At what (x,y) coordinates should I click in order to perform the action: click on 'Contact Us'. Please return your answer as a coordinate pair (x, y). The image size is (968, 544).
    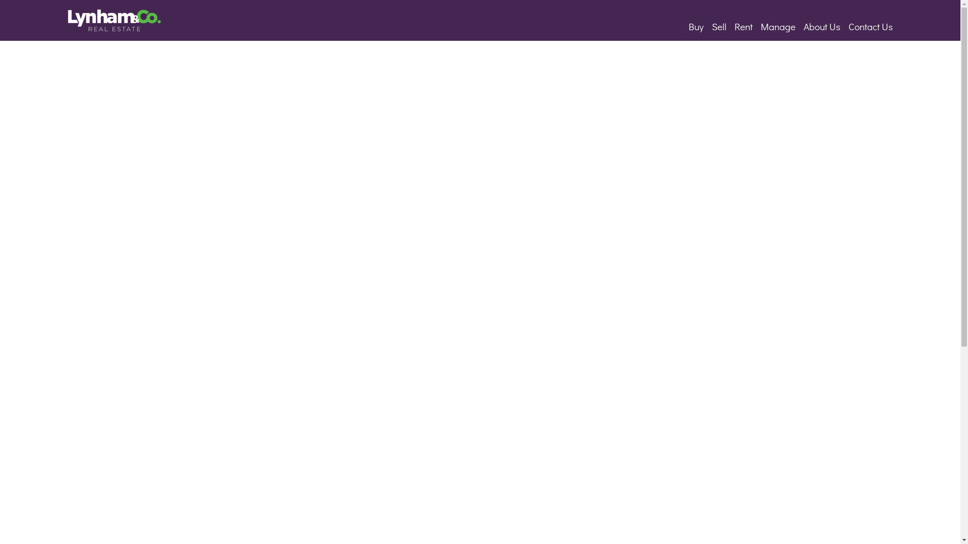
    Looking at the image, I should click on (870, 26).